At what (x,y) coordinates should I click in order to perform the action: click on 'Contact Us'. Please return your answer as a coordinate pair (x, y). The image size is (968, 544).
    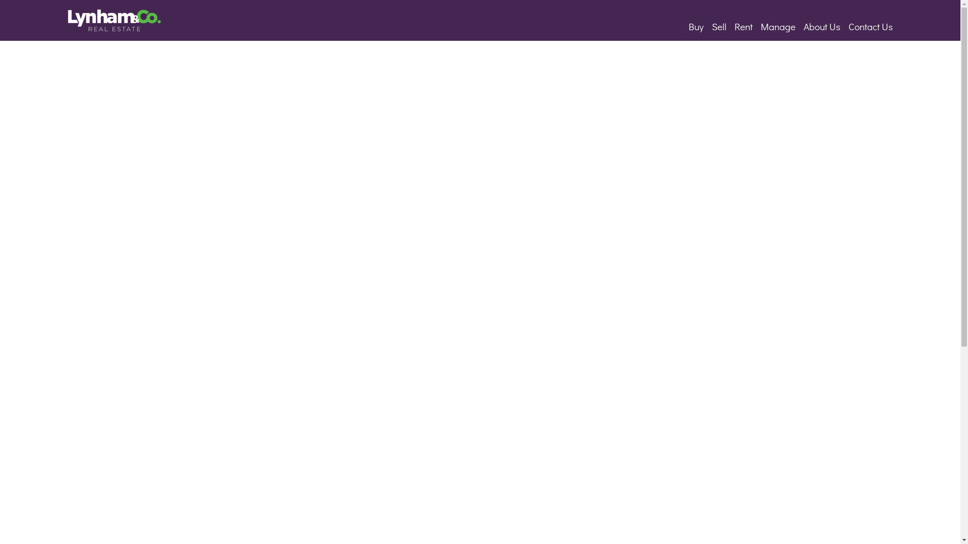
    Looking at the image, I should click on (870, 26).